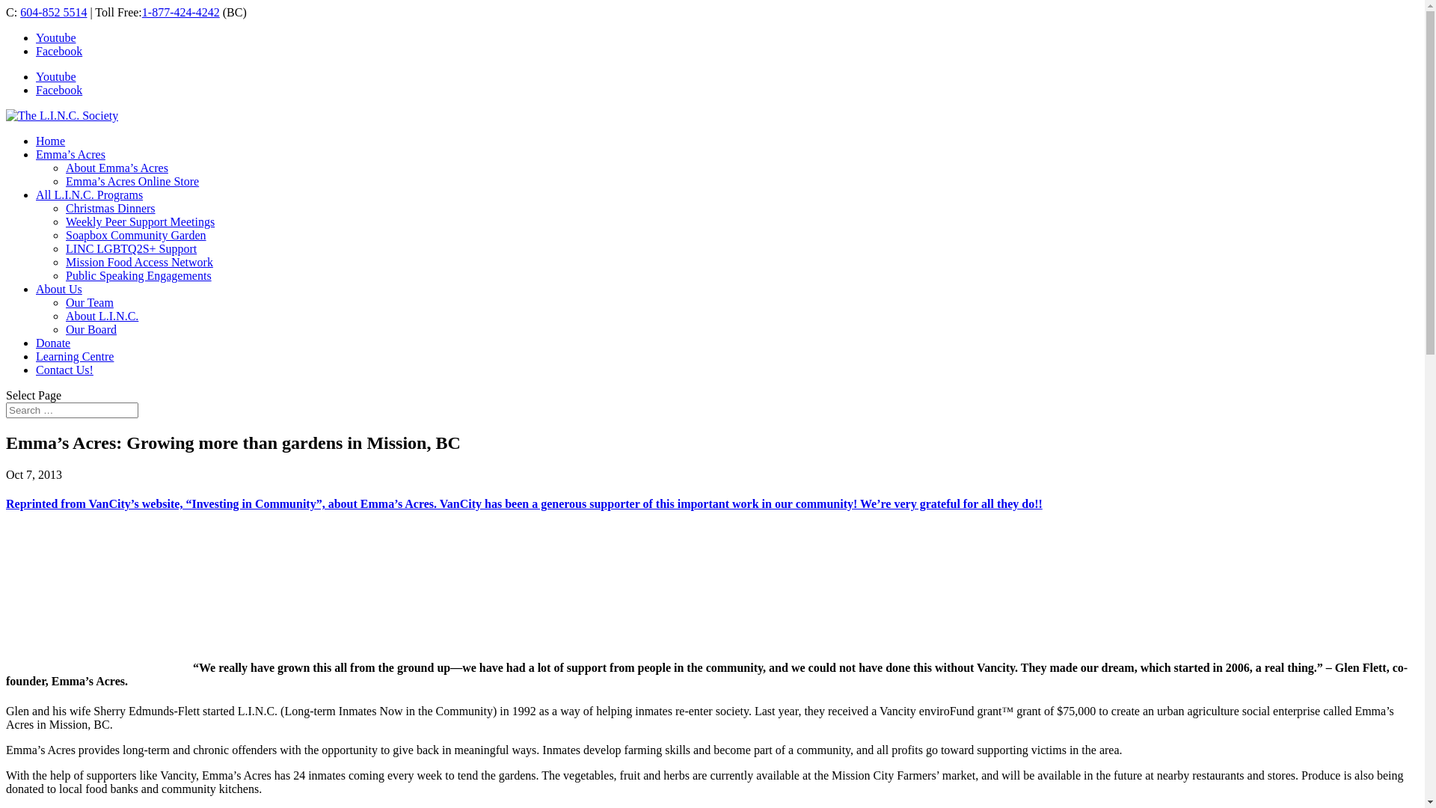 The height and width of the screenshot is (808, 1436). Describe the element at coordinates (56, 76) in the screenshot. I see `'Youtube'` at that location.